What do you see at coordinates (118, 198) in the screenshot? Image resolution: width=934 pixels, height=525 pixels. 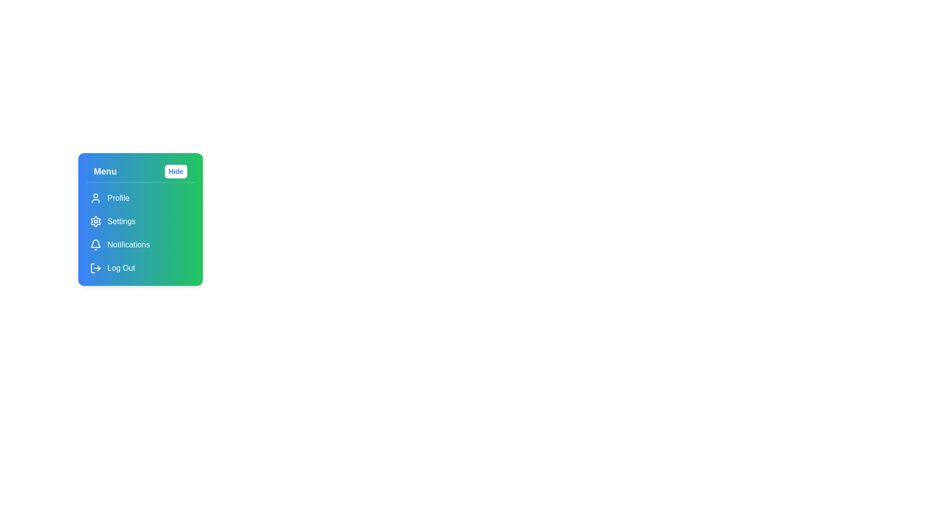 I see `the 'Profile' text label, which is styled with a simple font and positioned to the right of a user icon within a blue-green gradient menu box, as the first option beneath the 'Menu' header` at bounding box center [118, 198].